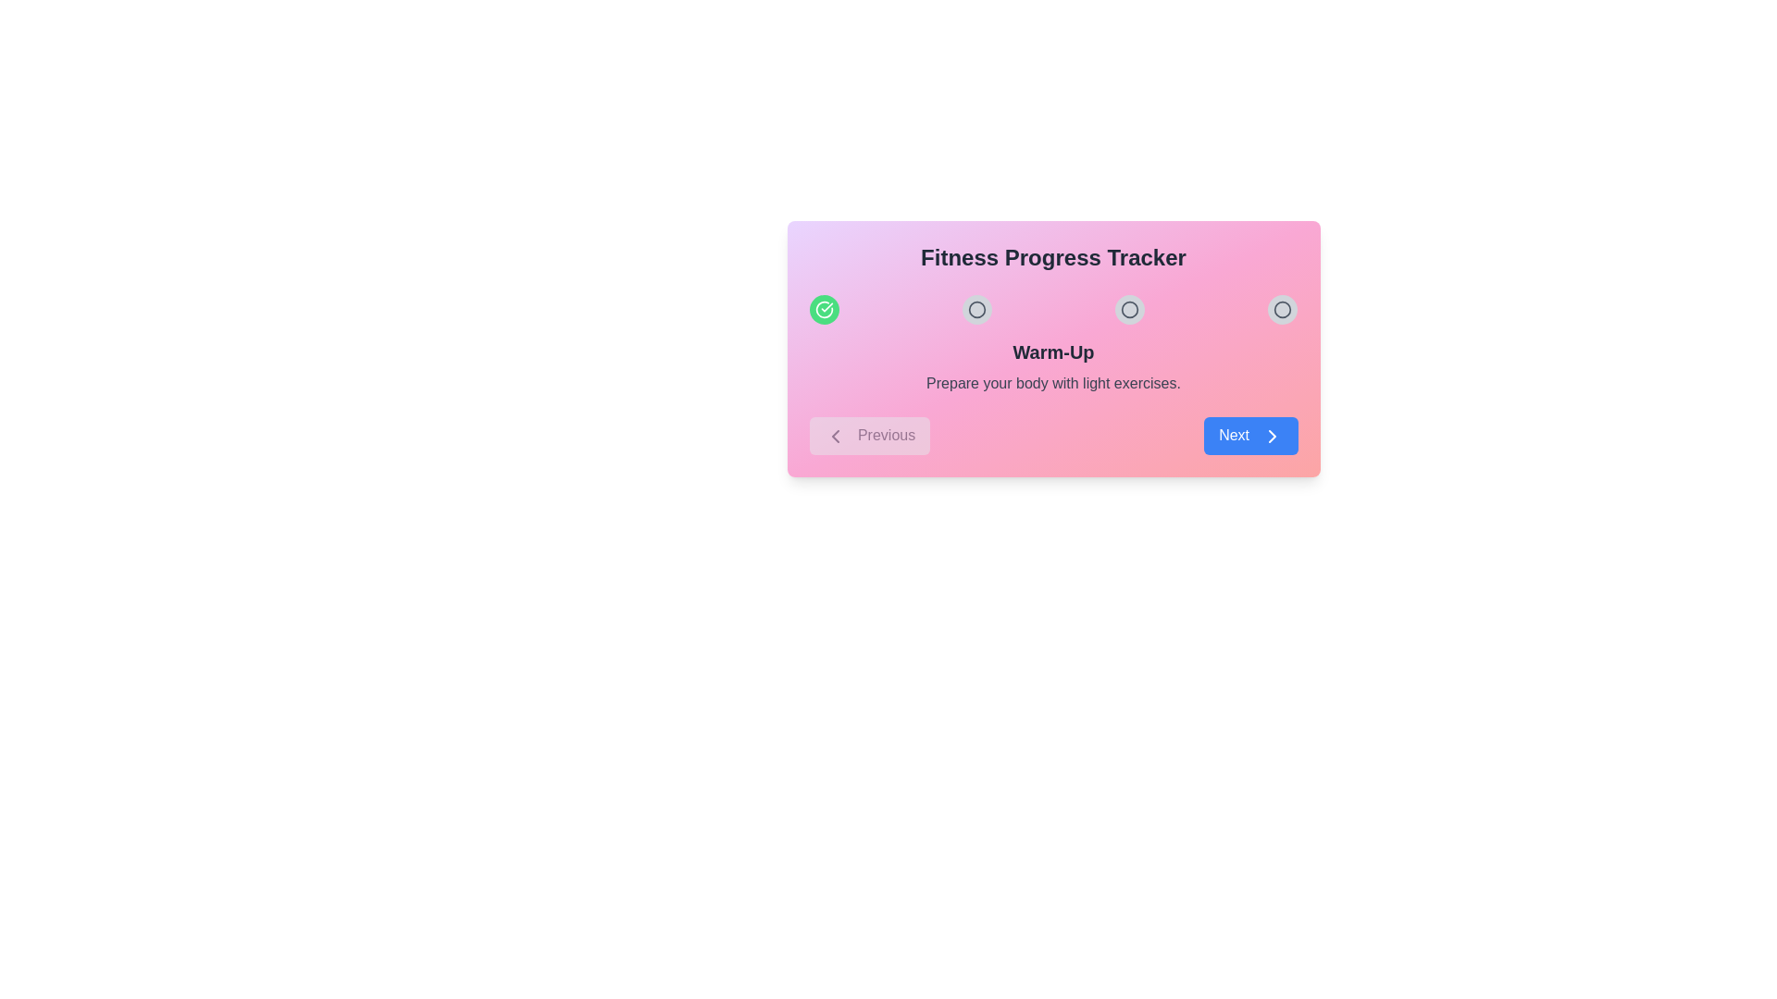  What do you see at coordinates (1129, 309) in the screenshot?
I see `the third circular Indicator button in a horizontal sequence of four buttons, which indicates a specific progress step in a multi-step process` at bounding box center [1129, 309].